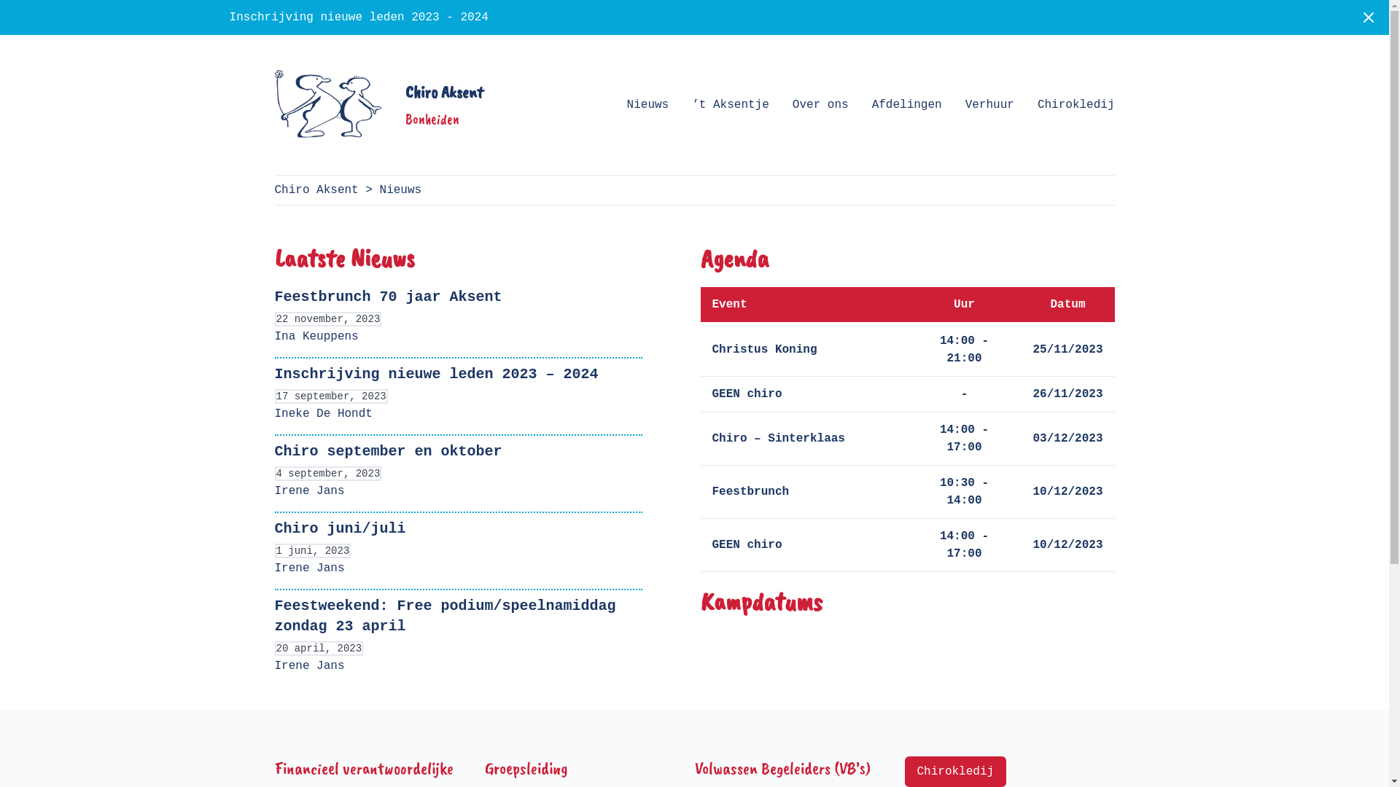  What do you see at coordinates (1367, 17) in the screenshot?
I see `'Dismiss'` at bounding box center [1367, 17].